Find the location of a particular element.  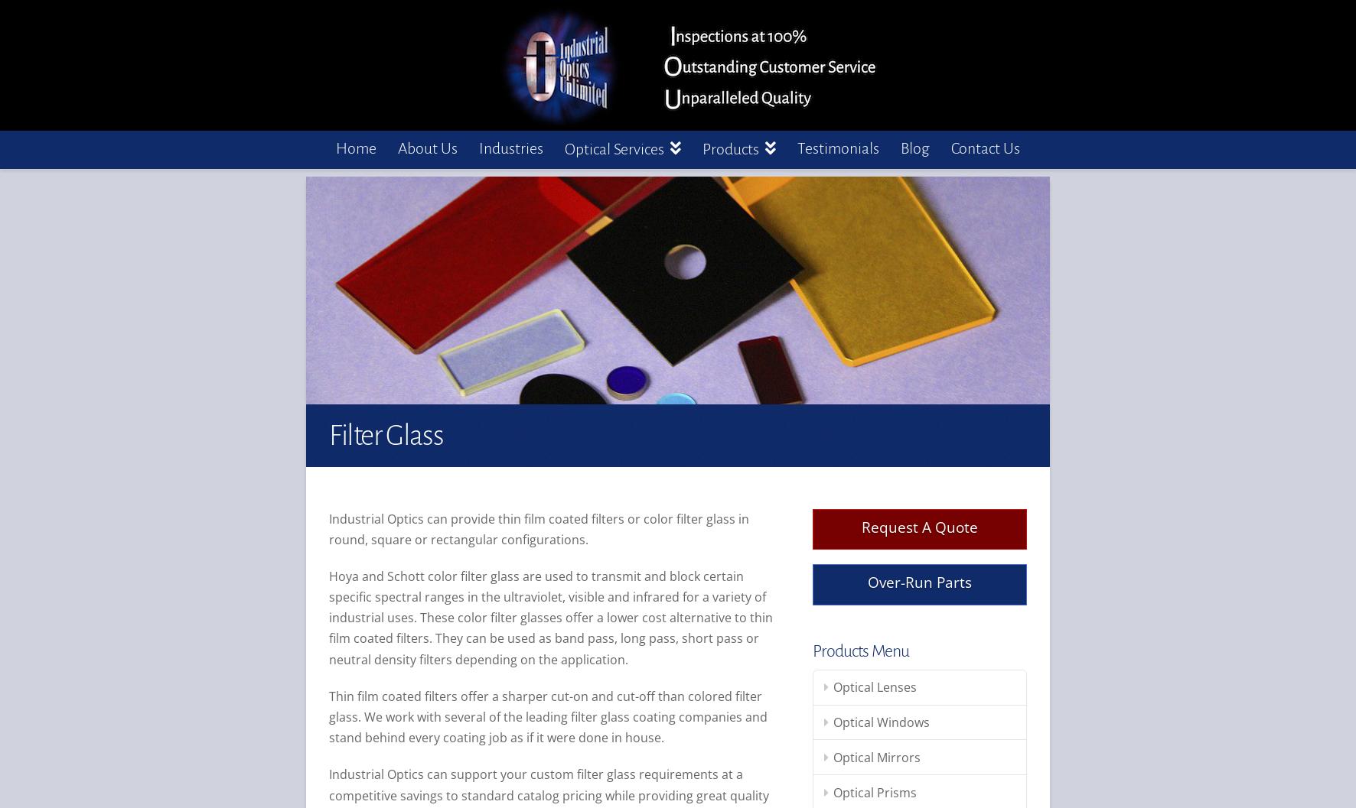

'Optical Lenses' is located at coordinates (874, 686).